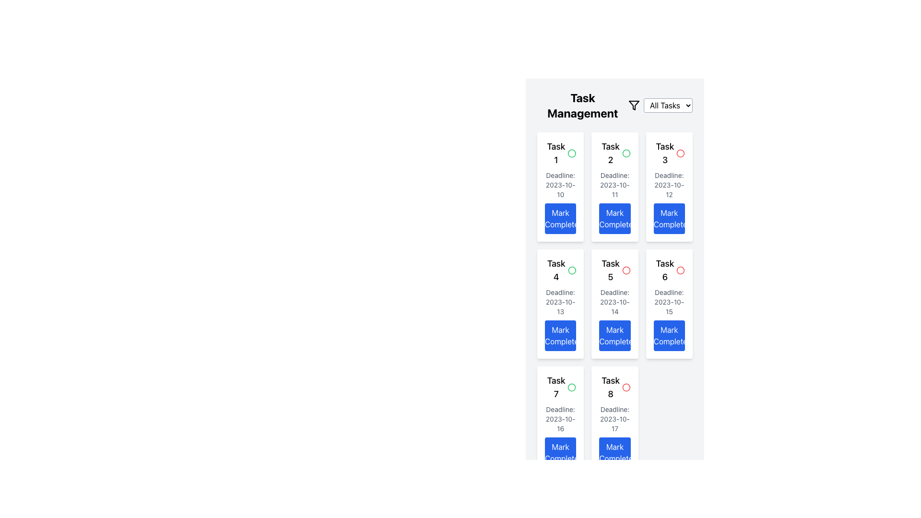 Image resolution: width=921 pixels, height=518 pixels. Describe the element at coordinates (669, 270) in the screenshot. I see `the status indicator icon in the header of the card representing 'Task 6' to mark or check the status` at that location.